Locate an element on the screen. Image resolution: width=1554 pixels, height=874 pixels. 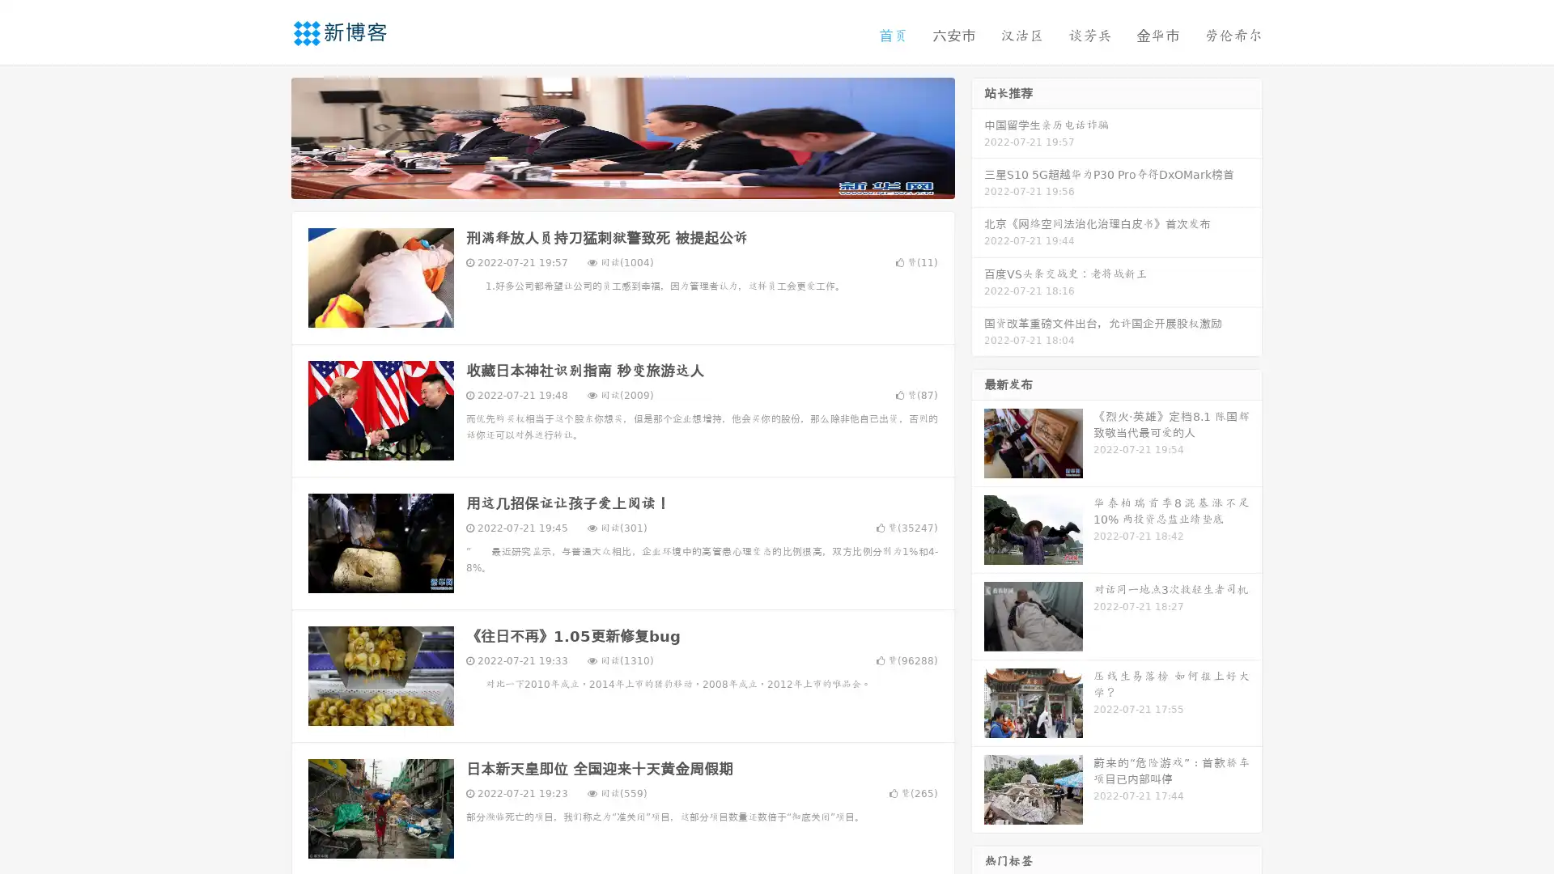
Go to slide 3 is located at coordinates (639, 182).